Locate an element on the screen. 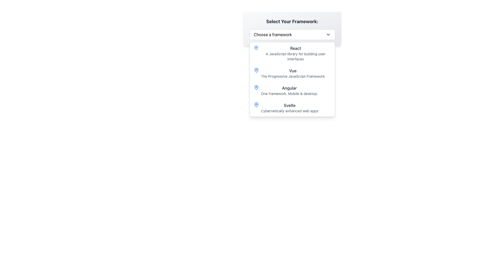 This screenshot has height=275, width=489. the 'Vue' list item in the dropdown menu is located at coordinates (293, 73).